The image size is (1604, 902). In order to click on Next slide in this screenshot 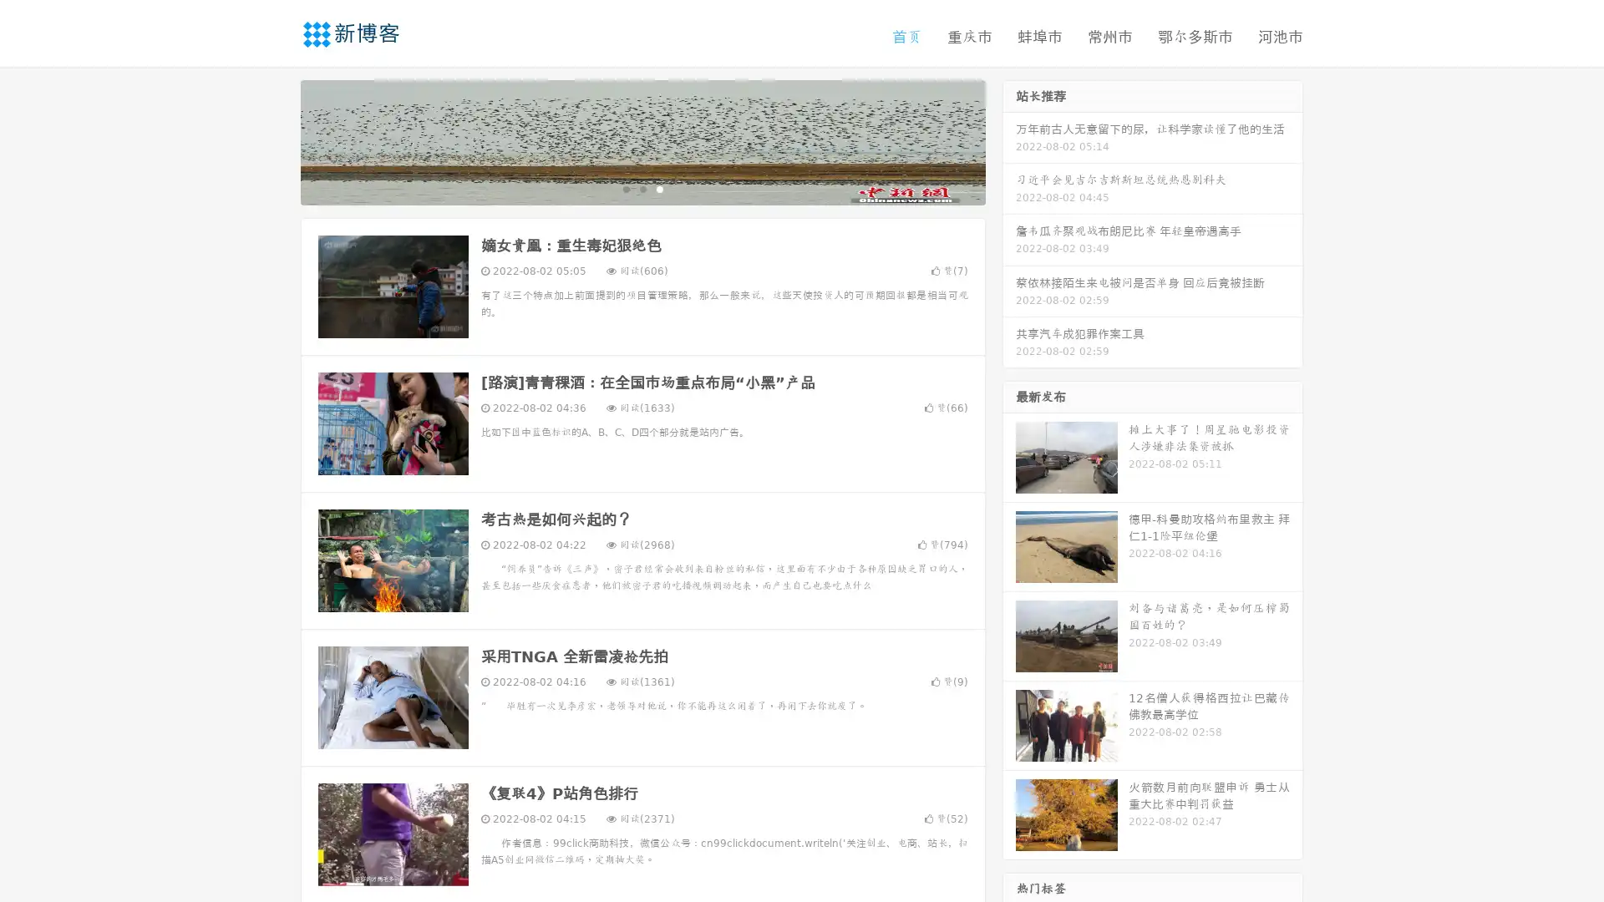, I will do `click(1009, 140)`.